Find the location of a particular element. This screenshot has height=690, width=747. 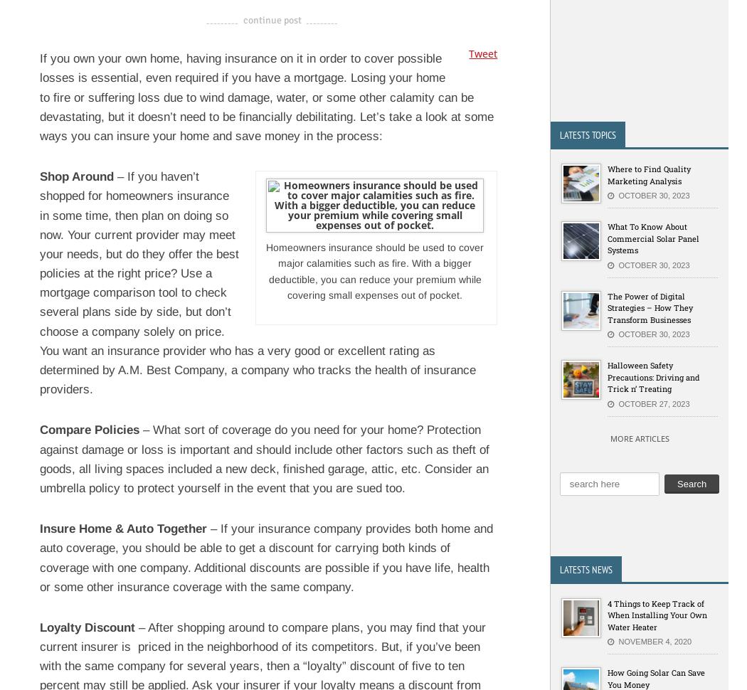

'Latests News' is located at coordinates (586, 568).